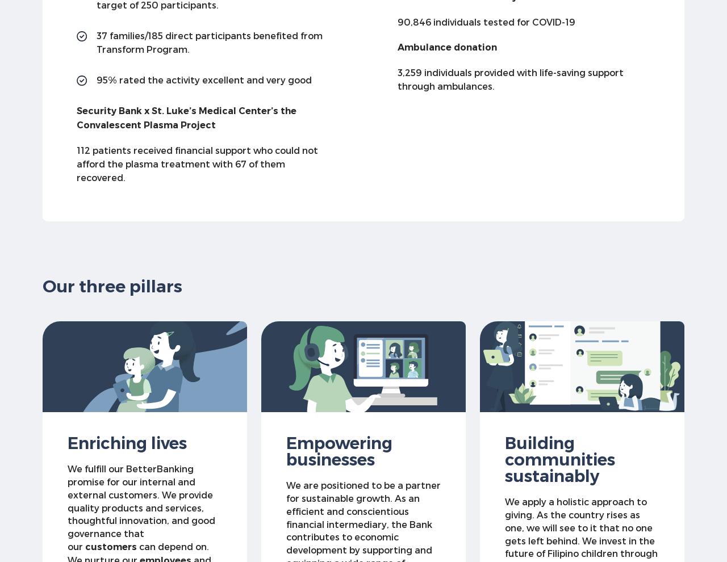 The width and height of the screenshot is (727, 562). What do you see at coordinates (111, 547) in the screenshot?
I see `'customers'` at bounding box center [111, 547].